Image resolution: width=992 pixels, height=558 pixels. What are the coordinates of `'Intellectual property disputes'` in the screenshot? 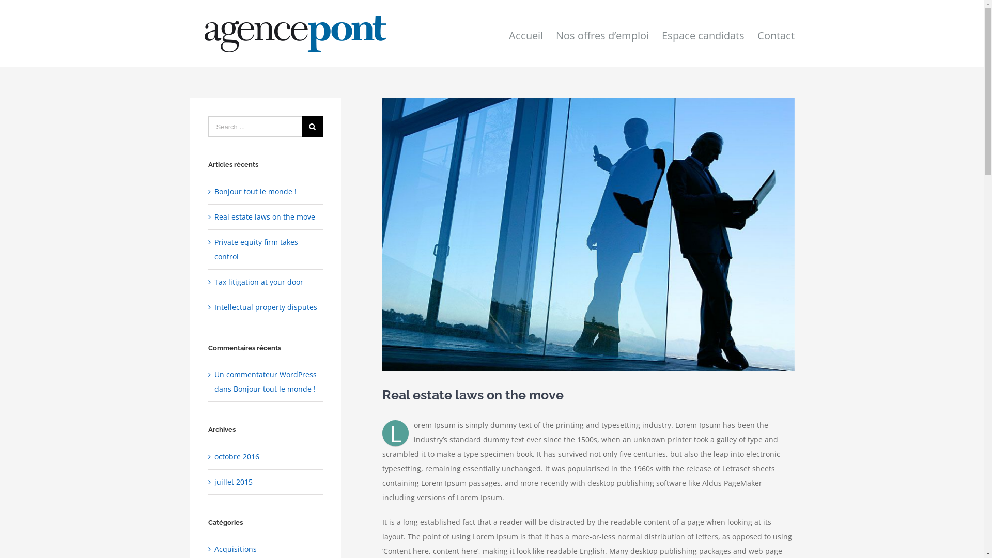 It's located at (266, 306).